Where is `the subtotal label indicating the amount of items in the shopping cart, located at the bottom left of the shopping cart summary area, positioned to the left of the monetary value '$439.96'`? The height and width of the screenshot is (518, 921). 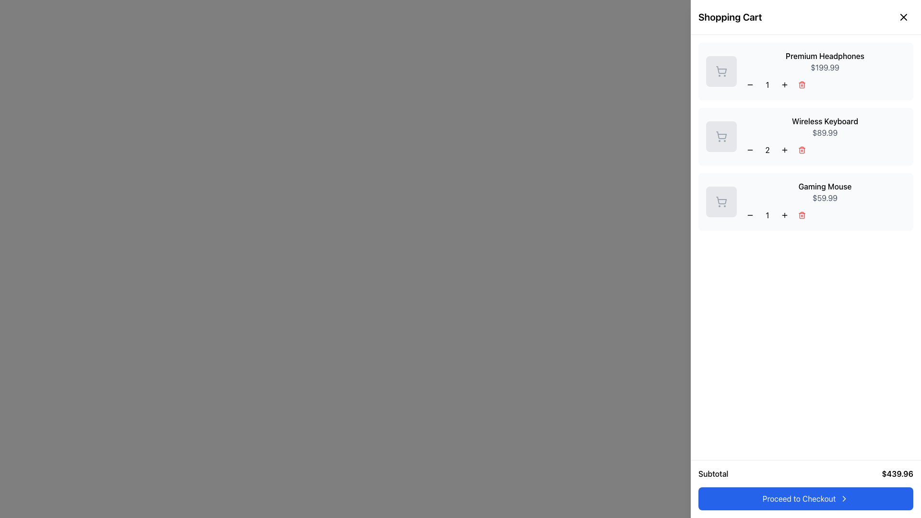 the subtotal label indicating the amount of items in the shopping cart, located at the bottom left of the shopping cart summary area, positioned to the left of the monetary value '$439.96' is located at coordinates (713, 473).